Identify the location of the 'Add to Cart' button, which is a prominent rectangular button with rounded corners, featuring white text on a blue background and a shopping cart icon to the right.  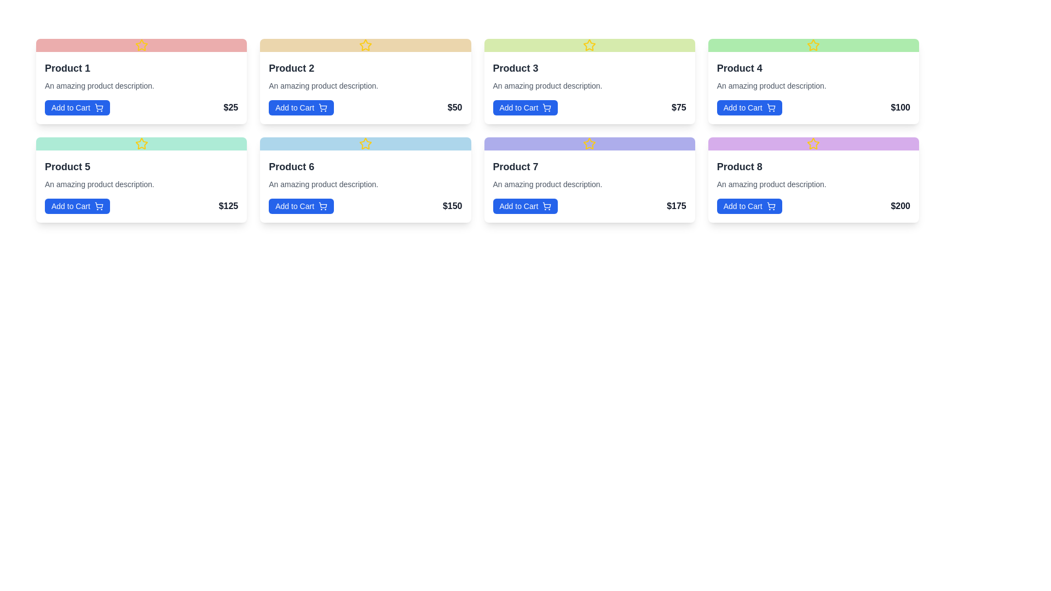
(749, 107).